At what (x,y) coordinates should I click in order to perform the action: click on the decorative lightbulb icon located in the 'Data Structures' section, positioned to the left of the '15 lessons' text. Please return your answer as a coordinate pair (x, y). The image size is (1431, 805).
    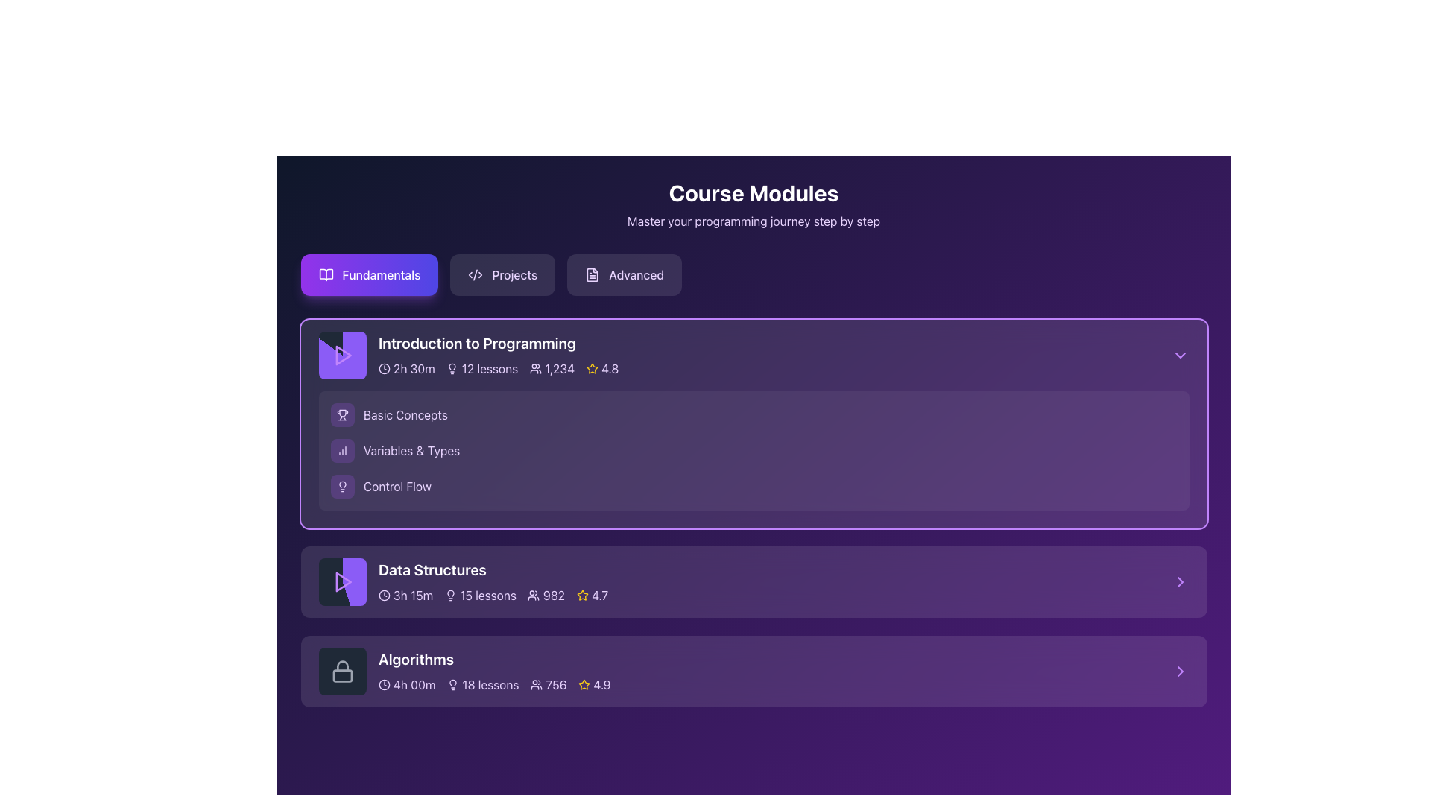
    Looking at the image, I should click on (449, 594).